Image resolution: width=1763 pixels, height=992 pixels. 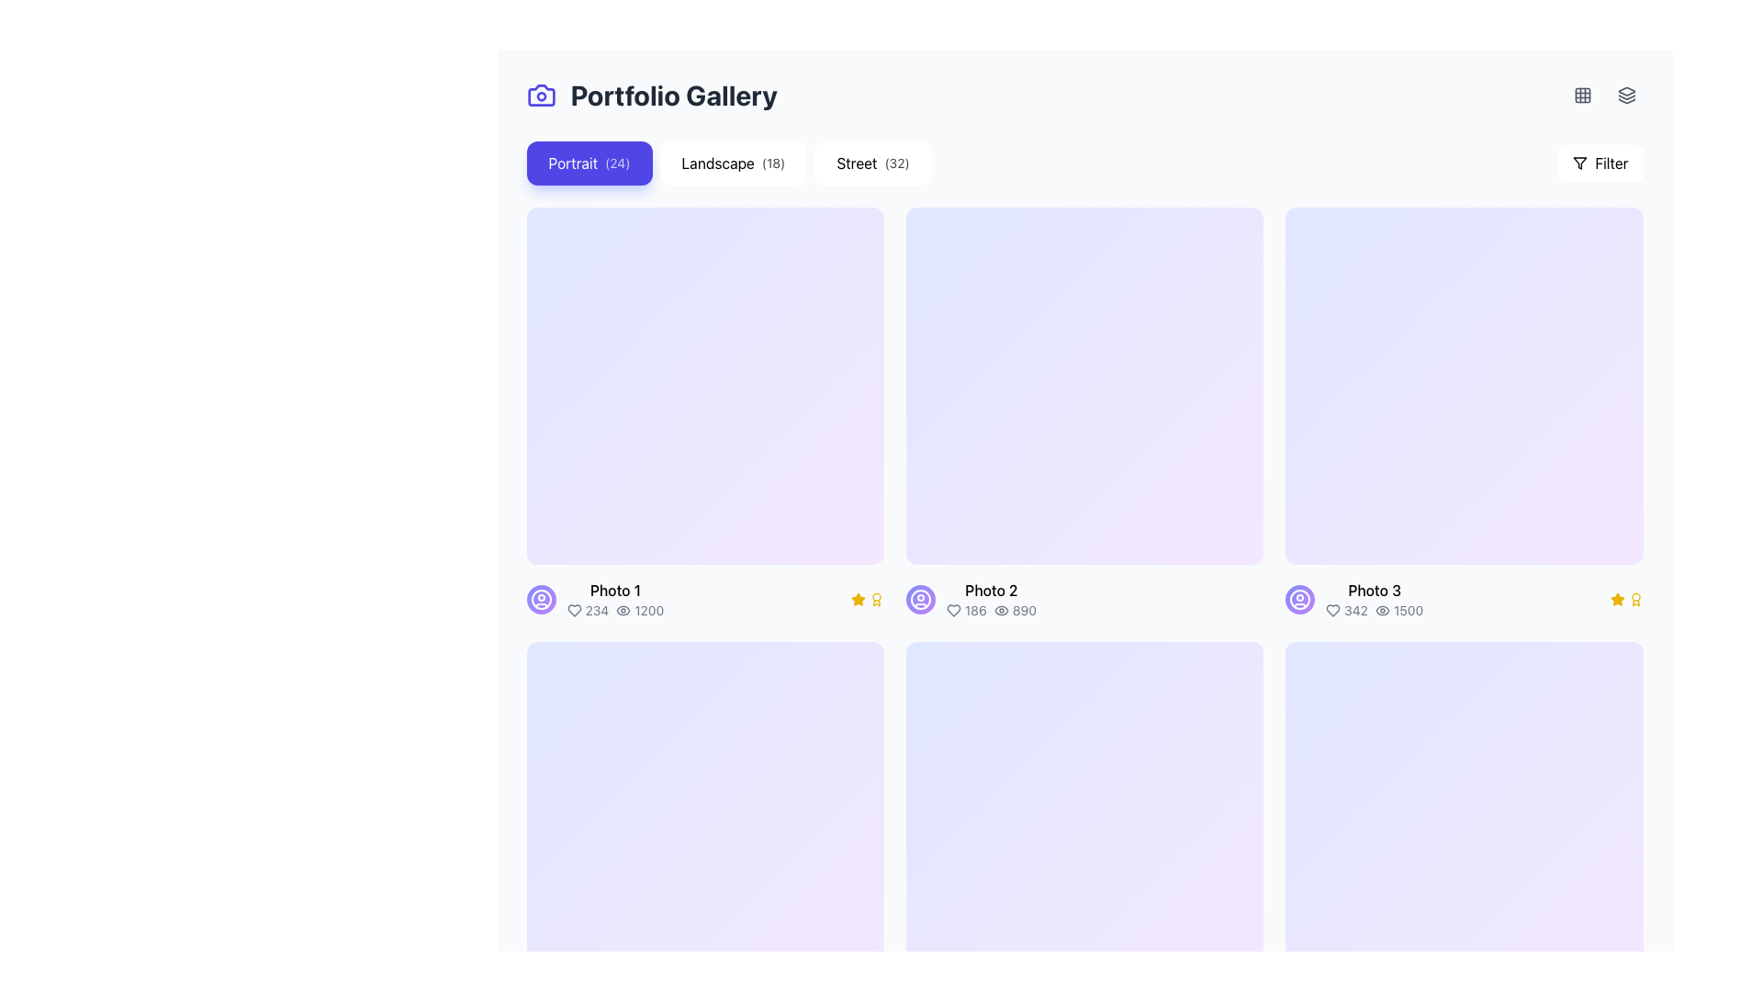 What do you see at coordinates (920, 600) in the screenshot?
I see `the user icon represented by a circular figure with a smaller circle for the head and connecting lines for shoulders, styled in white on a gradient background from indigo to purple` at bounding box center [920, 600].